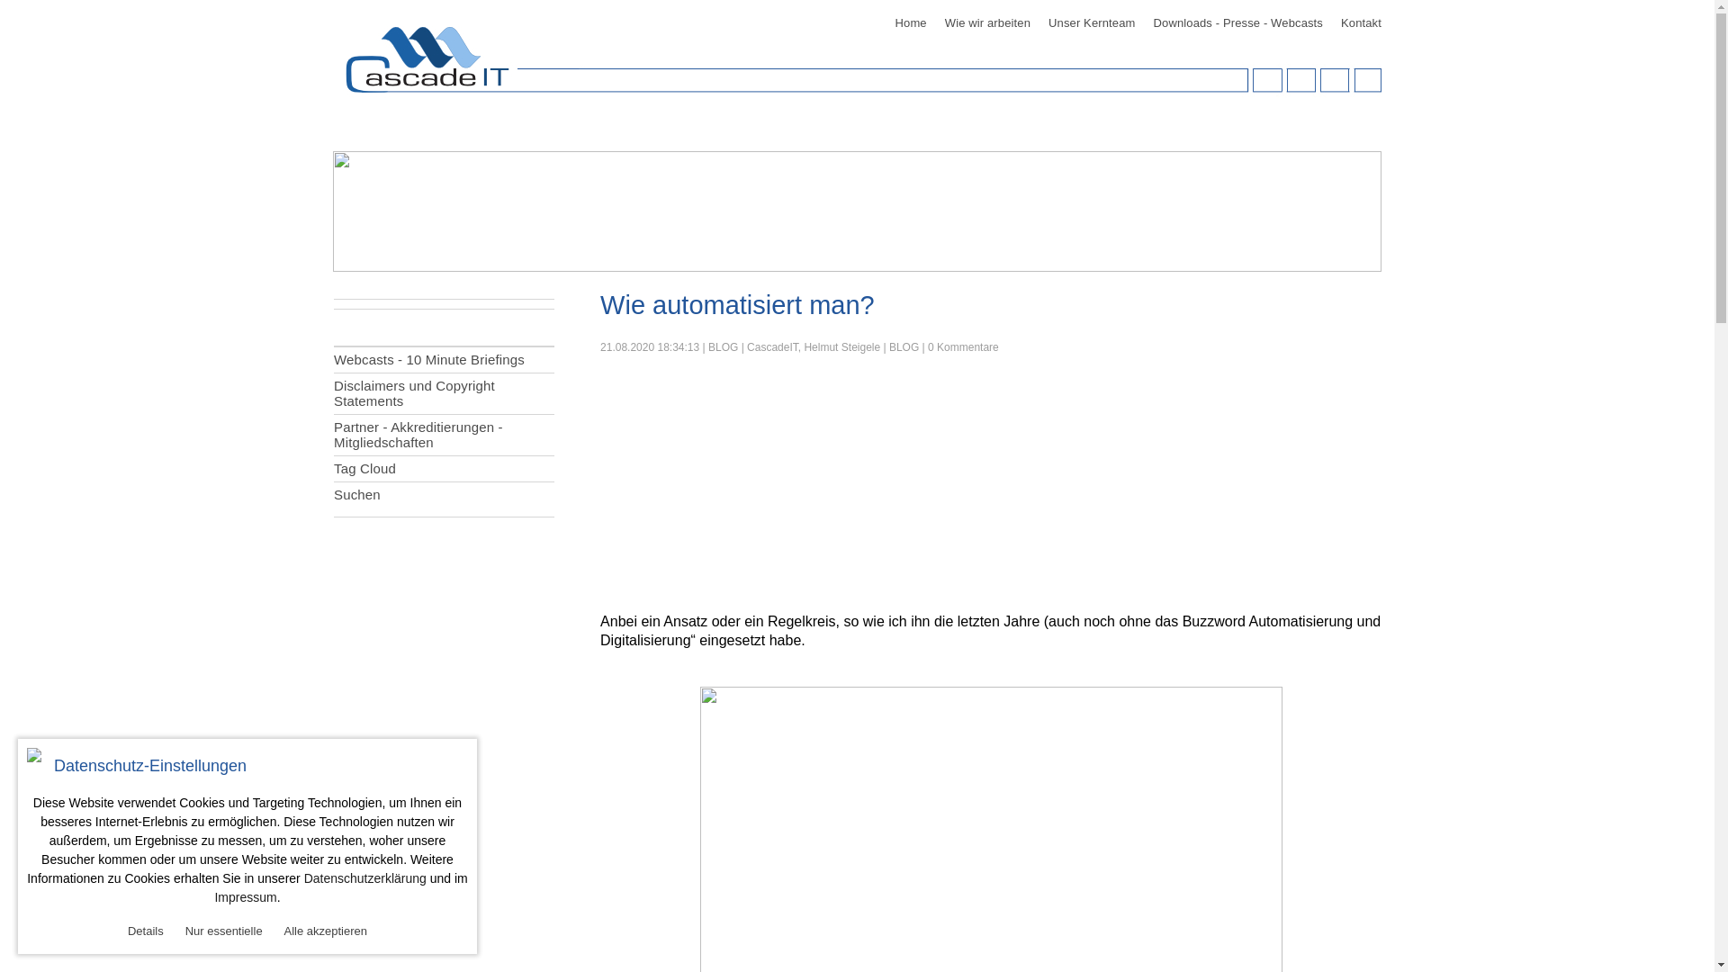 The width and height of the screenshot is (1728, 972). I want to click on 'Alle akzeptieren', so click(274, 930).